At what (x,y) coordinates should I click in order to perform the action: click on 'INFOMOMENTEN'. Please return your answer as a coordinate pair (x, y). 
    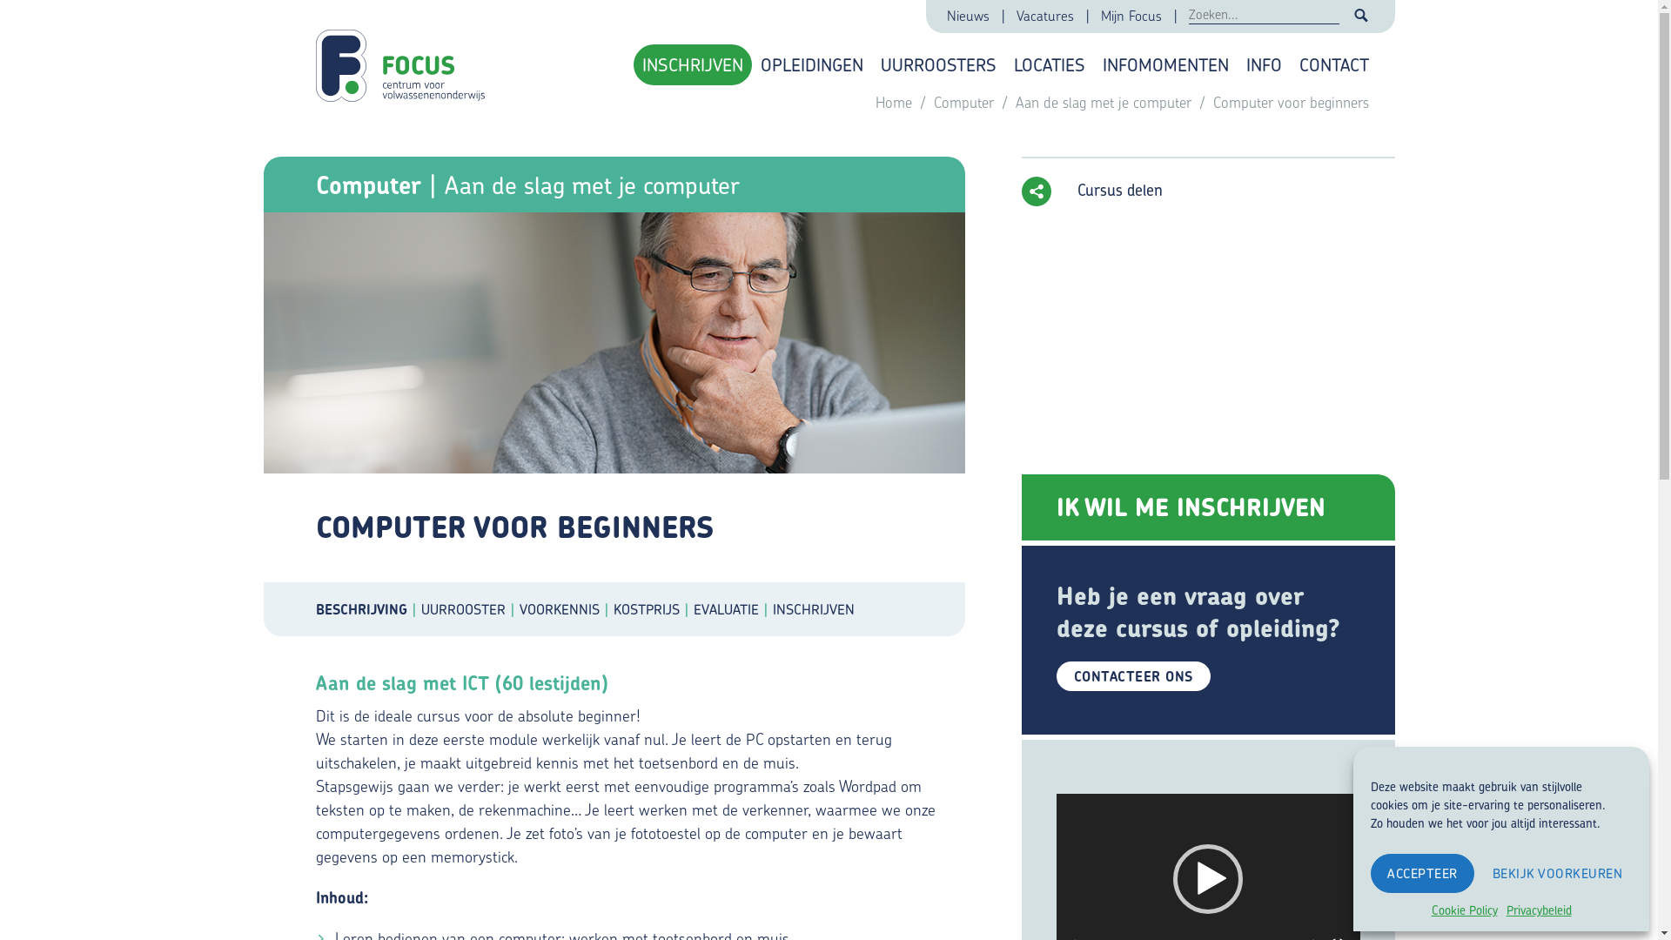
    Looking at the image, I should click on (1164, 64).